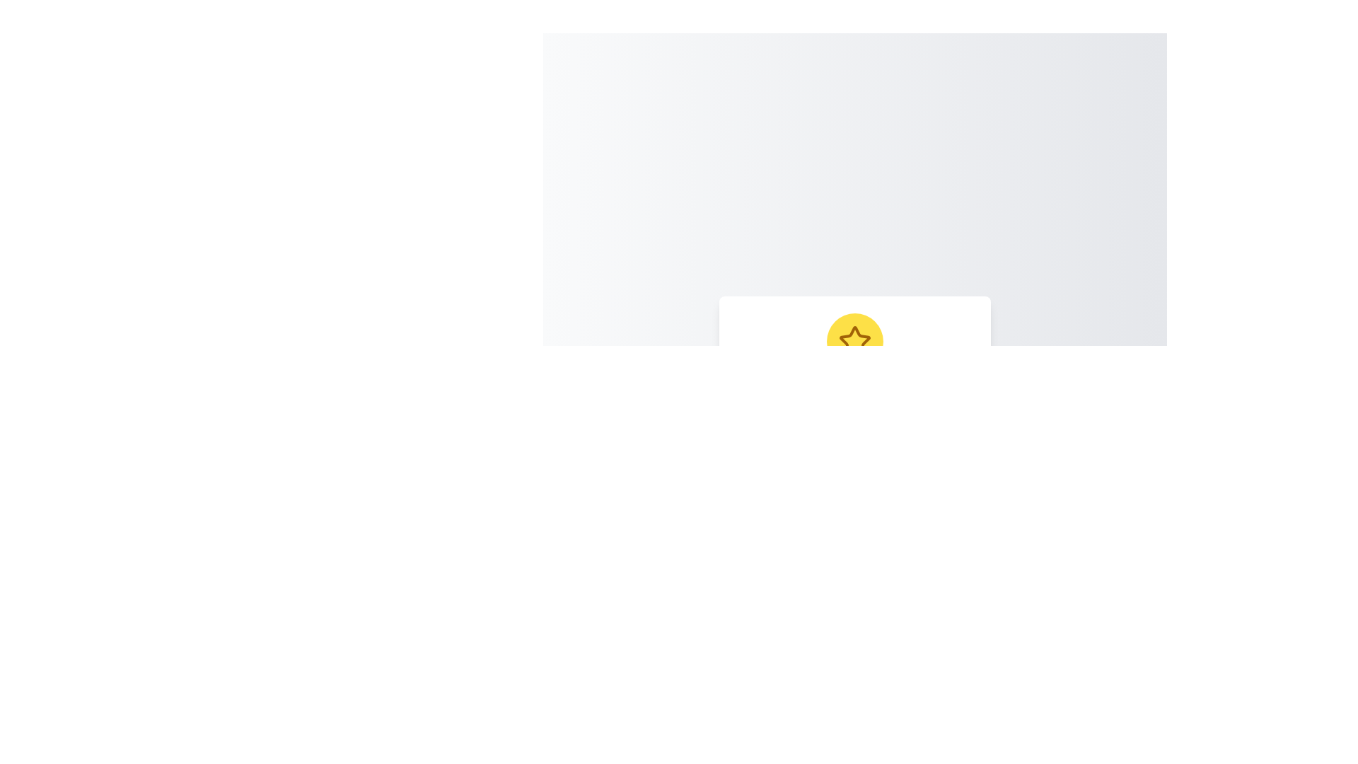 The width and height of the screenshot is (1358, 764). What do you see at coordinates (854, 341) in the screenshot?
I see `the star icon that serves as a visual decoration indicating a rating or favorite status, located centrally at the top of the white content area` at bounding box center [854, 341].